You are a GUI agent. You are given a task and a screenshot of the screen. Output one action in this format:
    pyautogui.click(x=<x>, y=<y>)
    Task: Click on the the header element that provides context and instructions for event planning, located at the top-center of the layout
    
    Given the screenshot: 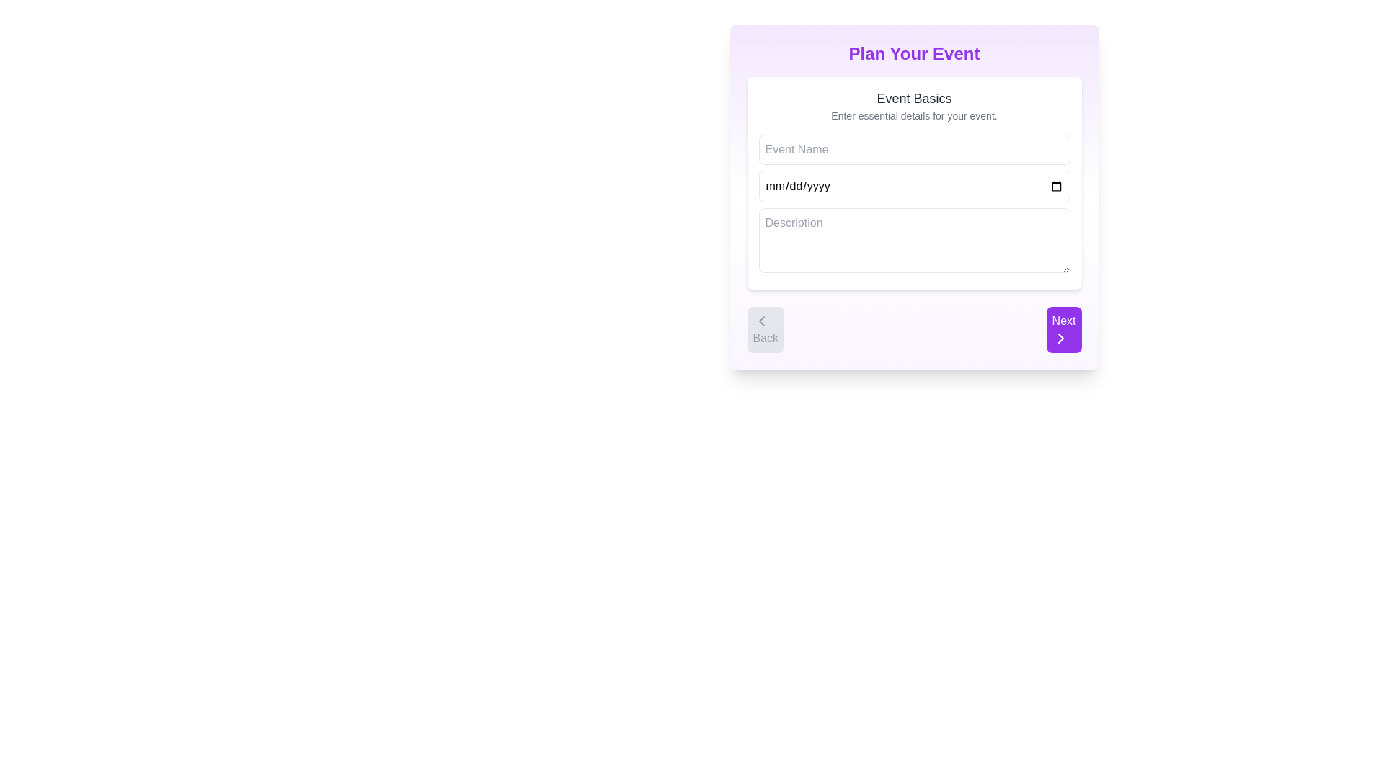 What is the action you would take?
    pyautogui.click(x=913, y=53)
    